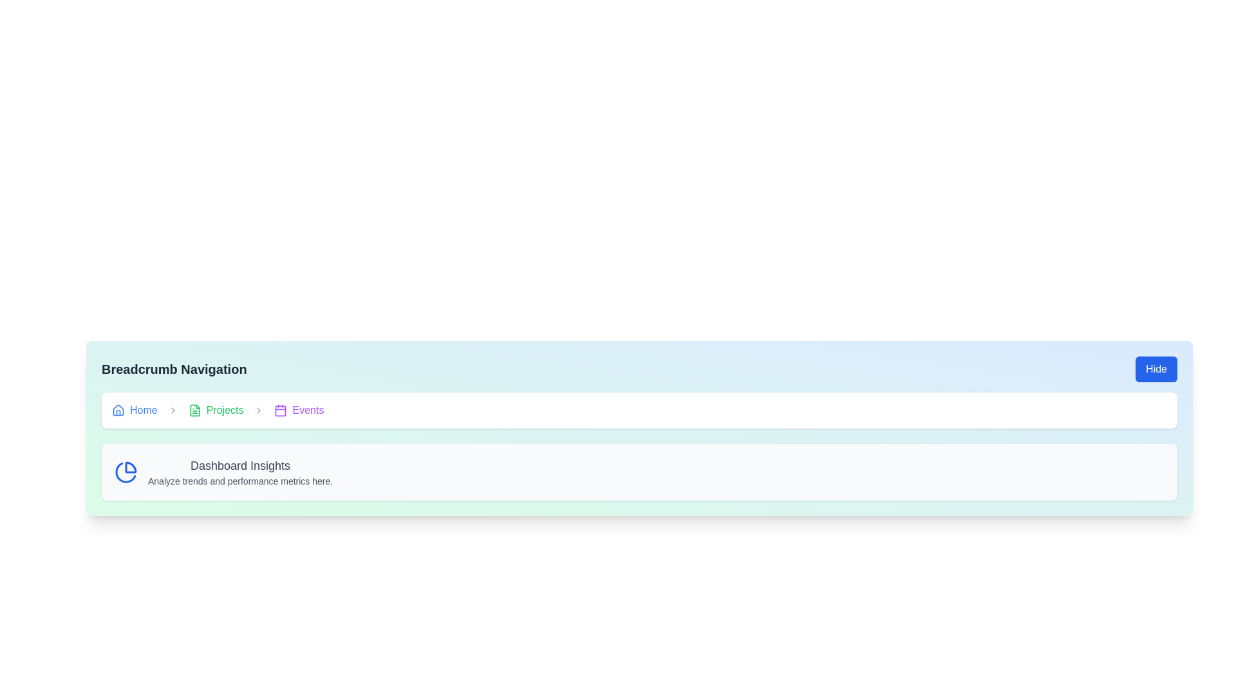  I want to click on the calendar icon element in the breadcrumb navigation, which is a rounded rectangle styled according to the Lucide icon library, positioned between the 'Projects' and 'Events' breadcrumbs, so click(280, 411).